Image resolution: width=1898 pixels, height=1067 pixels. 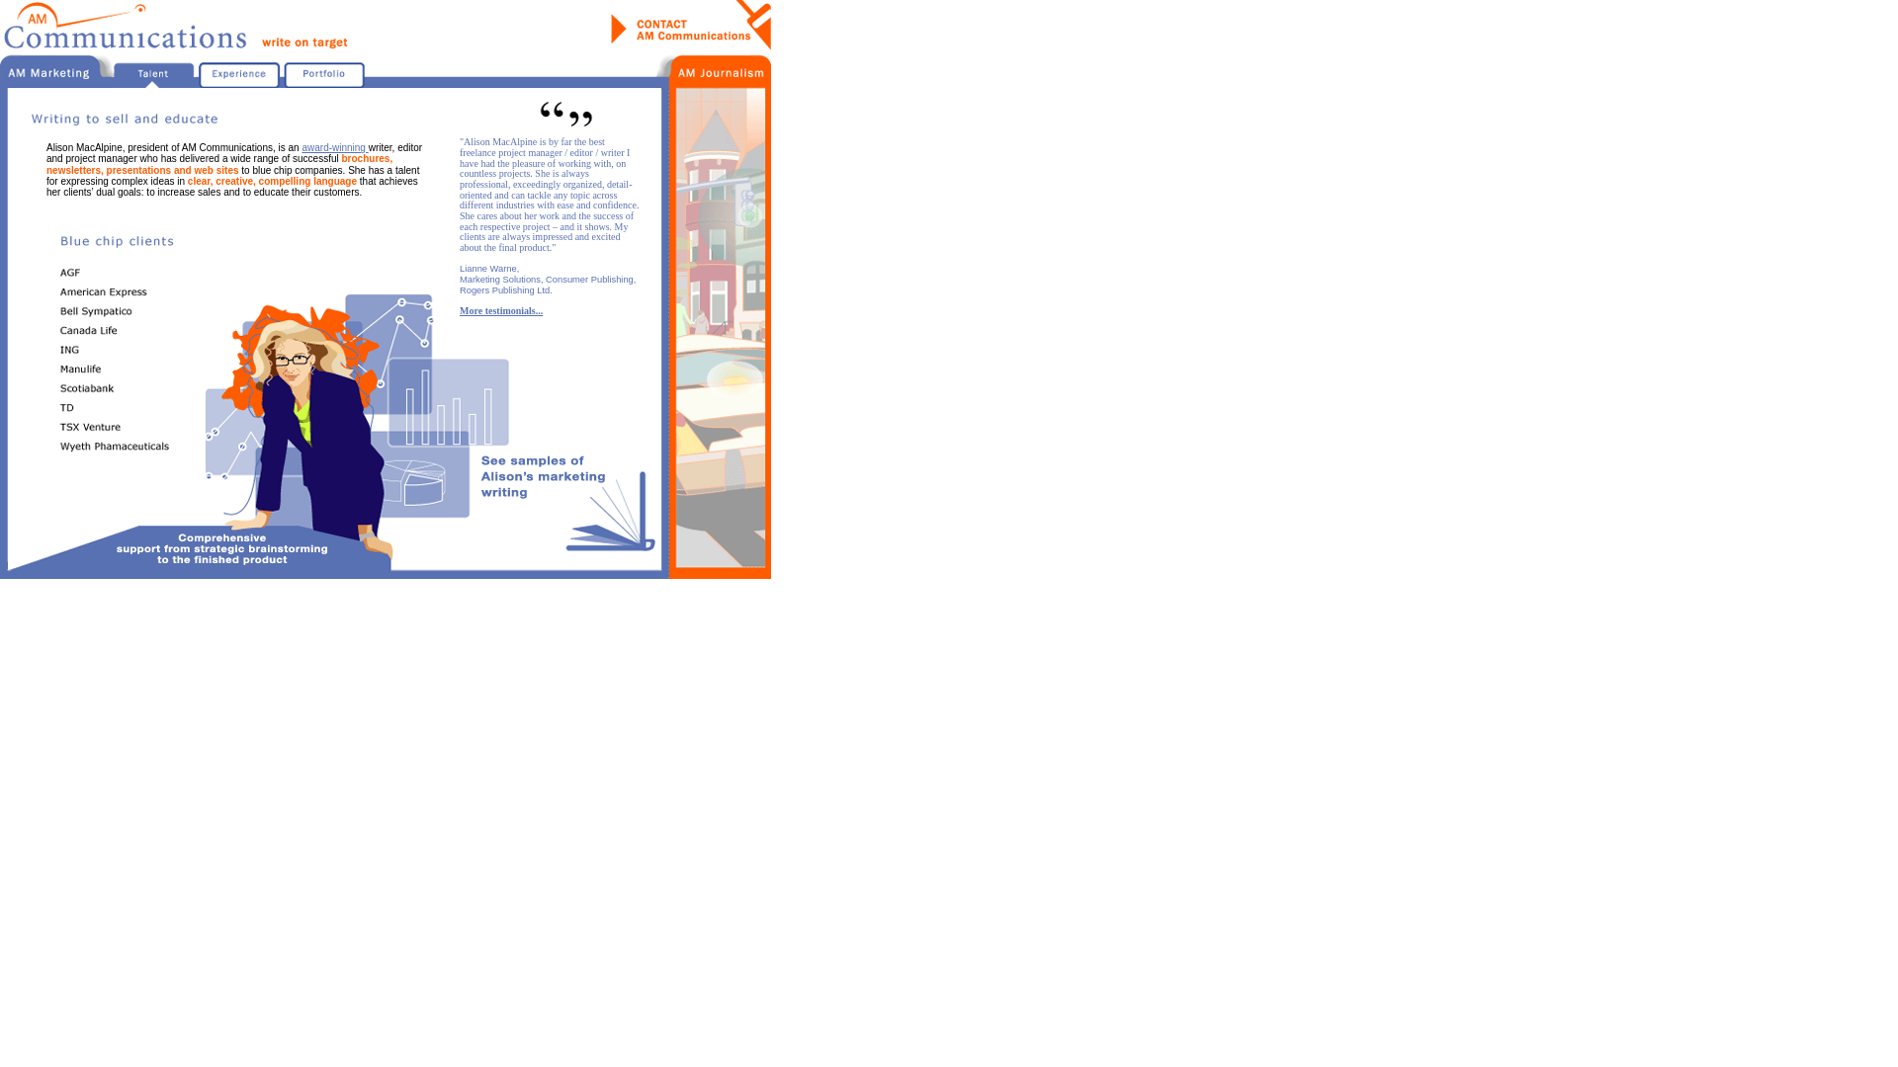 I want to click on 'More testimonials...', so click(x=501, y=310).